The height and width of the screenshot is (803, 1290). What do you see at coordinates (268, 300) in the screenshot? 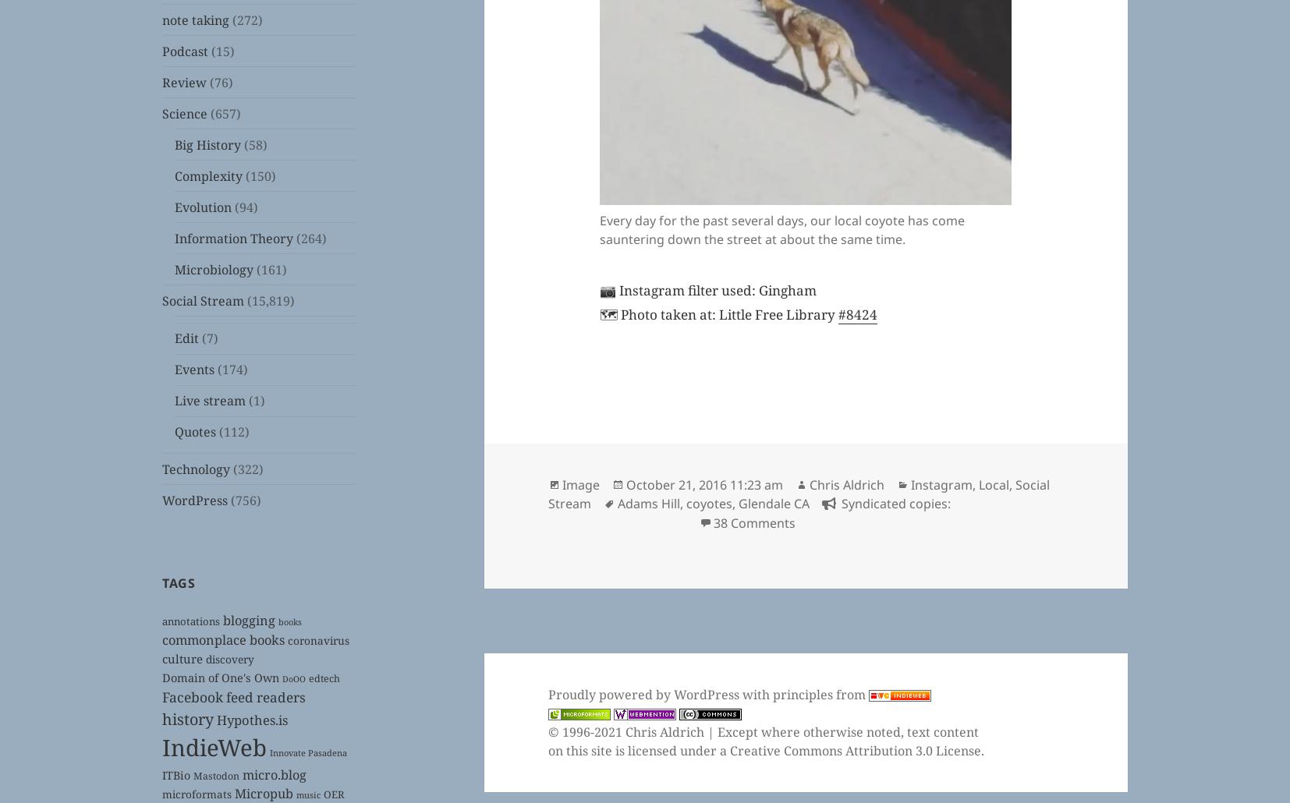
I see `'(15,819)'` at bounding box center [268, 300].